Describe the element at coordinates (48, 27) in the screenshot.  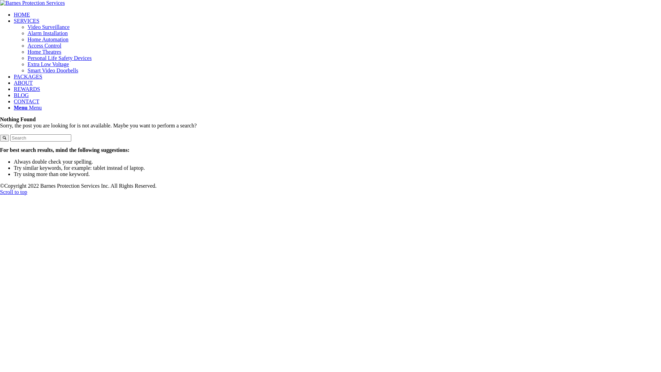
I see `'Video Surveillance'` at that location.